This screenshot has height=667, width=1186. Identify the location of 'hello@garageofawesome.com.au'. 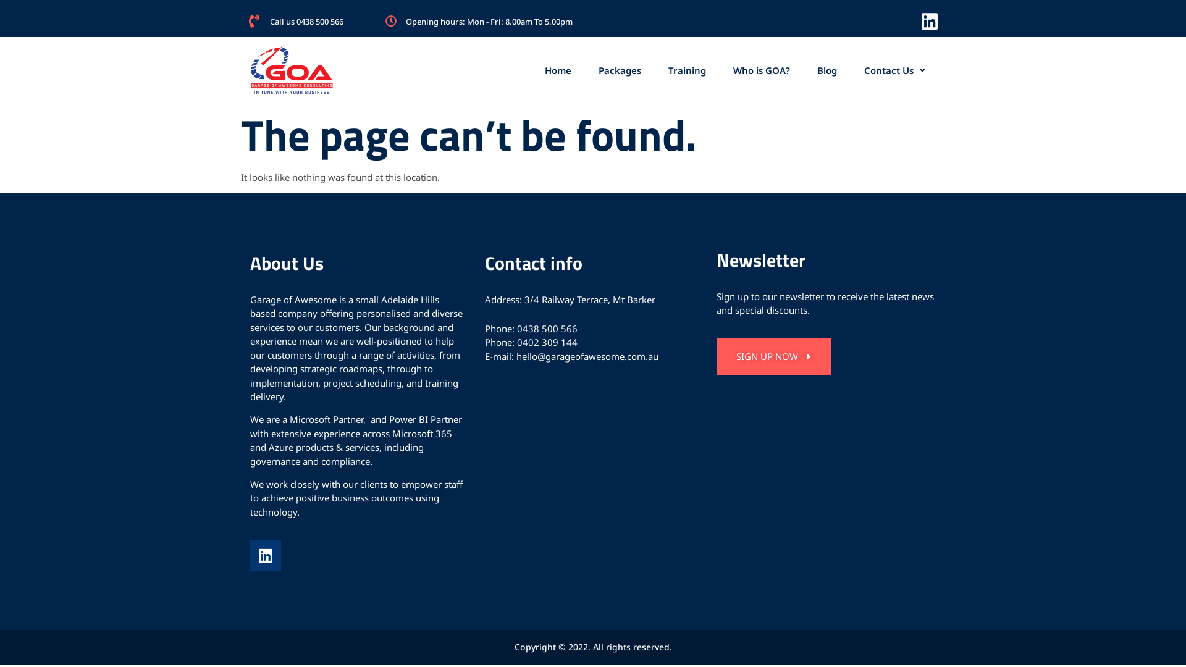
(516, 356).